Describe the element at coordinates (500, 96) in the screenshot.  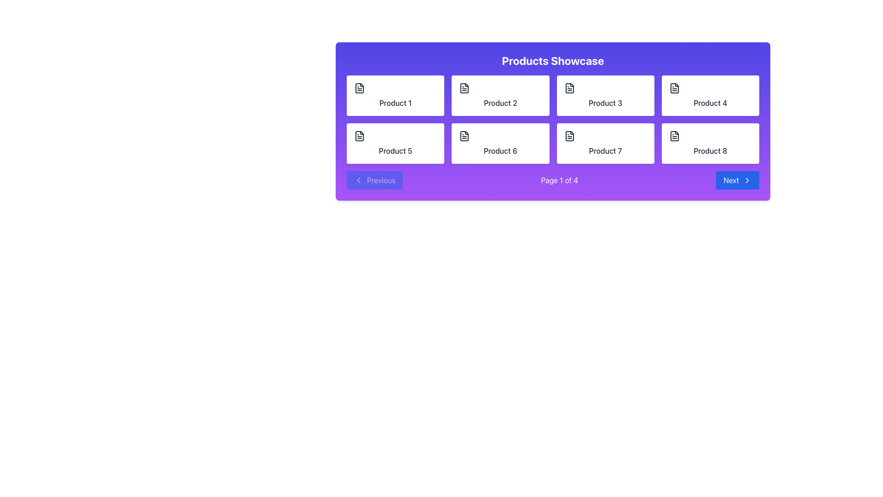
I see `the Display Card labeled 'Product 2' located in the second column of the first row in the 'Products Showcase' section` at that location.